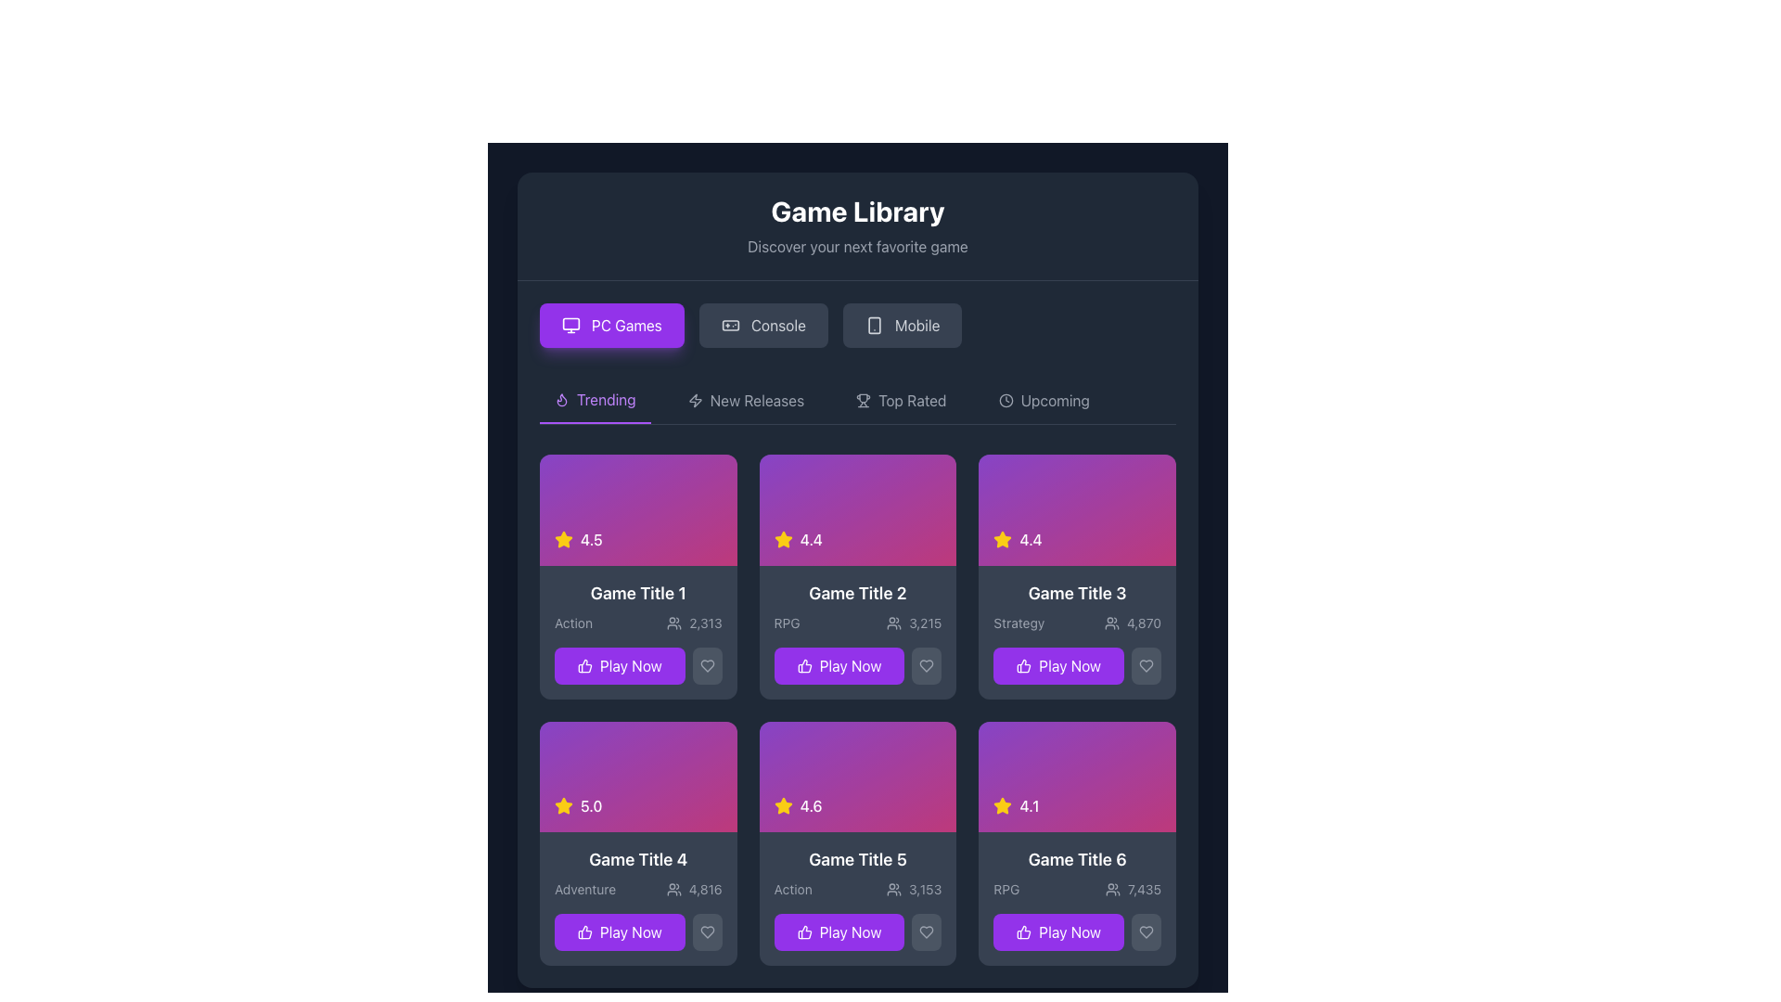 The width and height of the screenshot is (1781, 1002). Describe the element at coordinates (1112, 623) in the screenshot. I see `the vectorized icon resembling a group of people, which is positioned to the left of the number '4,870' under the 'Game Title 3' card in the user statistic component` at that location.